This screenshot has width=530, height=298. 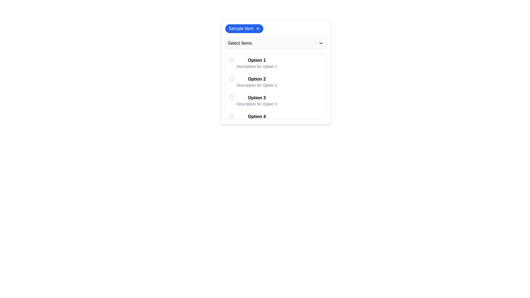 What do you see at coordinates (232, 60) in the screenshot?
I see `the circular checkmark SVG element located at the far left of the text for Option 1 in the dropdown list` at bounding box center [232, 60].